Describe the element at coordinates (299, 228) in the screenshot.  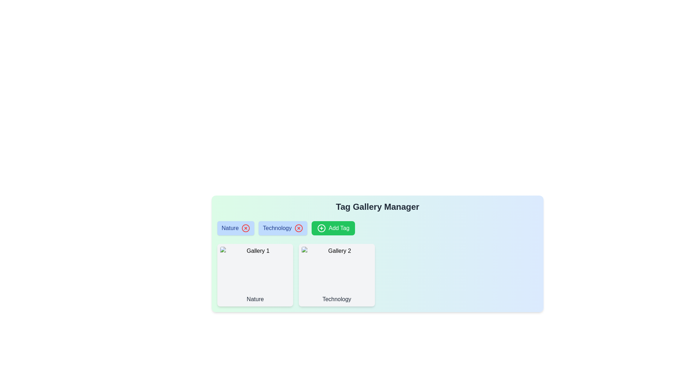
I see `the circular outline icon to the right of the 'Technology' tag` at that location.